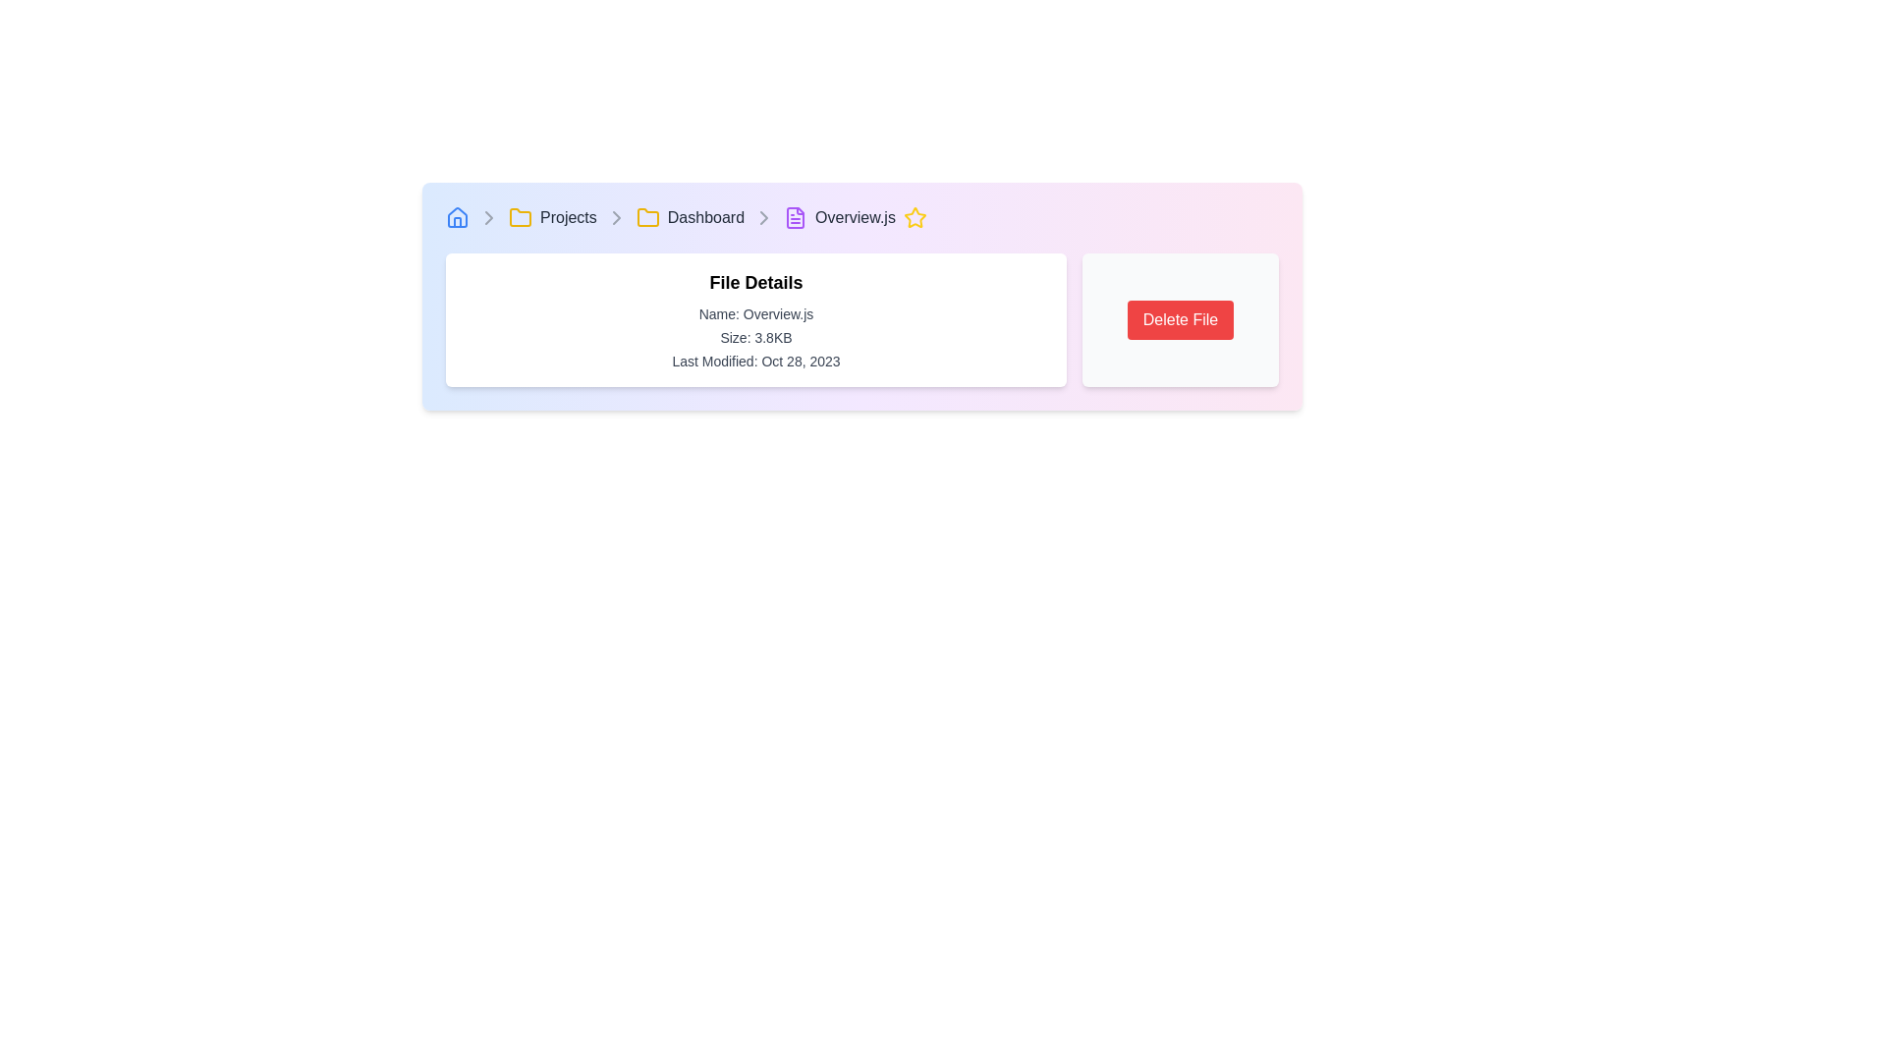 The height and width of the screenshot is (1061, 1886). Describe the element at coordinates (855, 218) in the screenshot. I see `the current location indicator text label in the breadcrumb navigation to highlight or focus it` at that location.